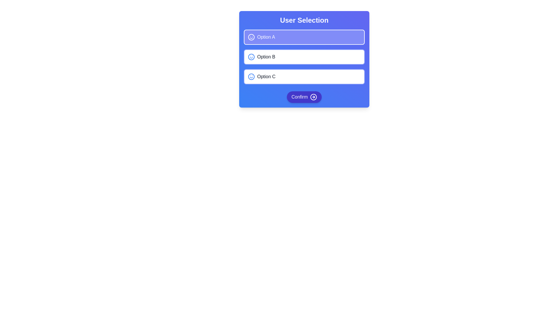 The image size is (558, 314). What do you see at coordinates (304, 20) in the screenshot?
I see `the title text located at the top of the card, which serves as a heading for the options and confirm button below it` at bounding box center [304, 20].